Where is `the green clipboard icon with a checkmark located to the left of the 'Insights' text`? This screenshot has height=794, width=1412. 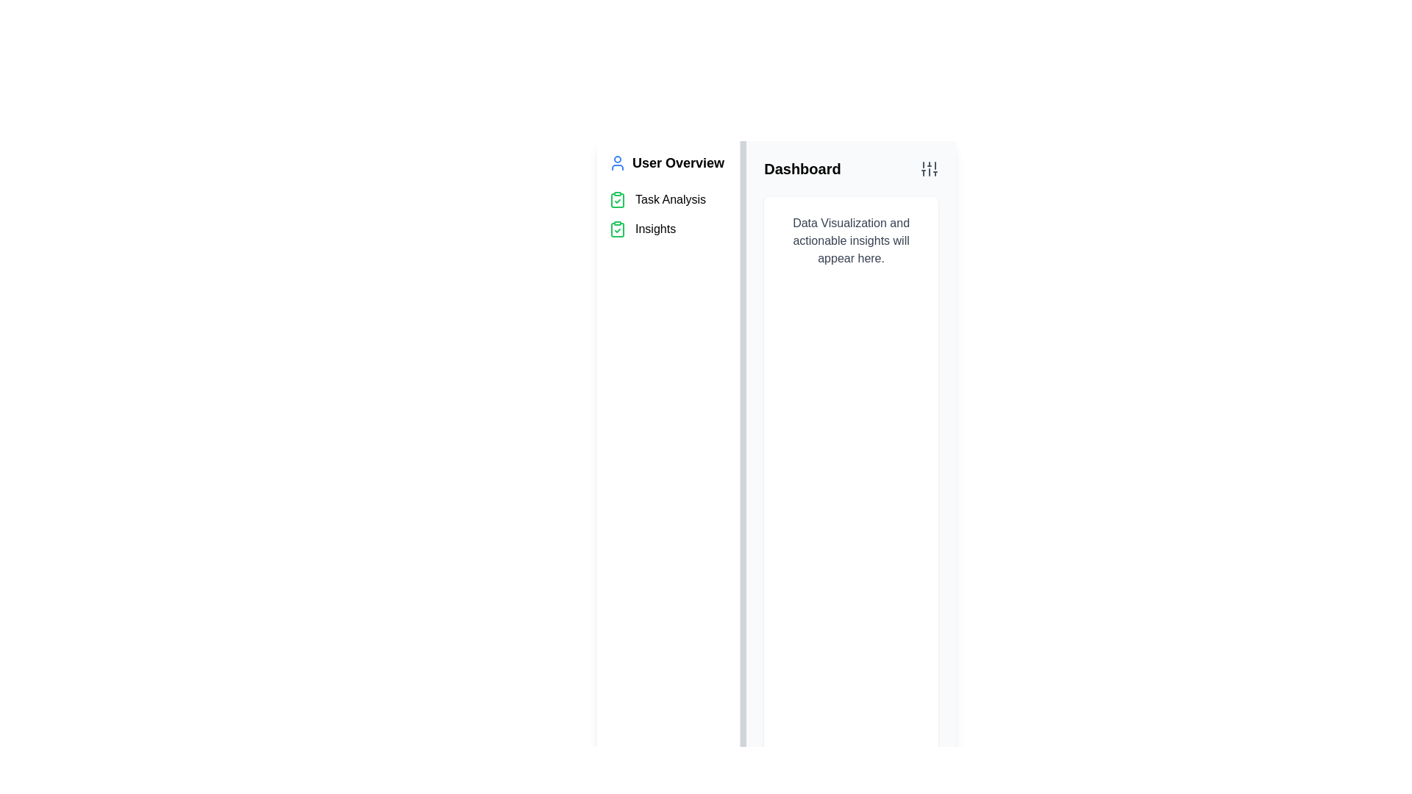
the green clipboard icon with a checkmark located to the left of the 'Insights' text is located at coordinates (618, 200).